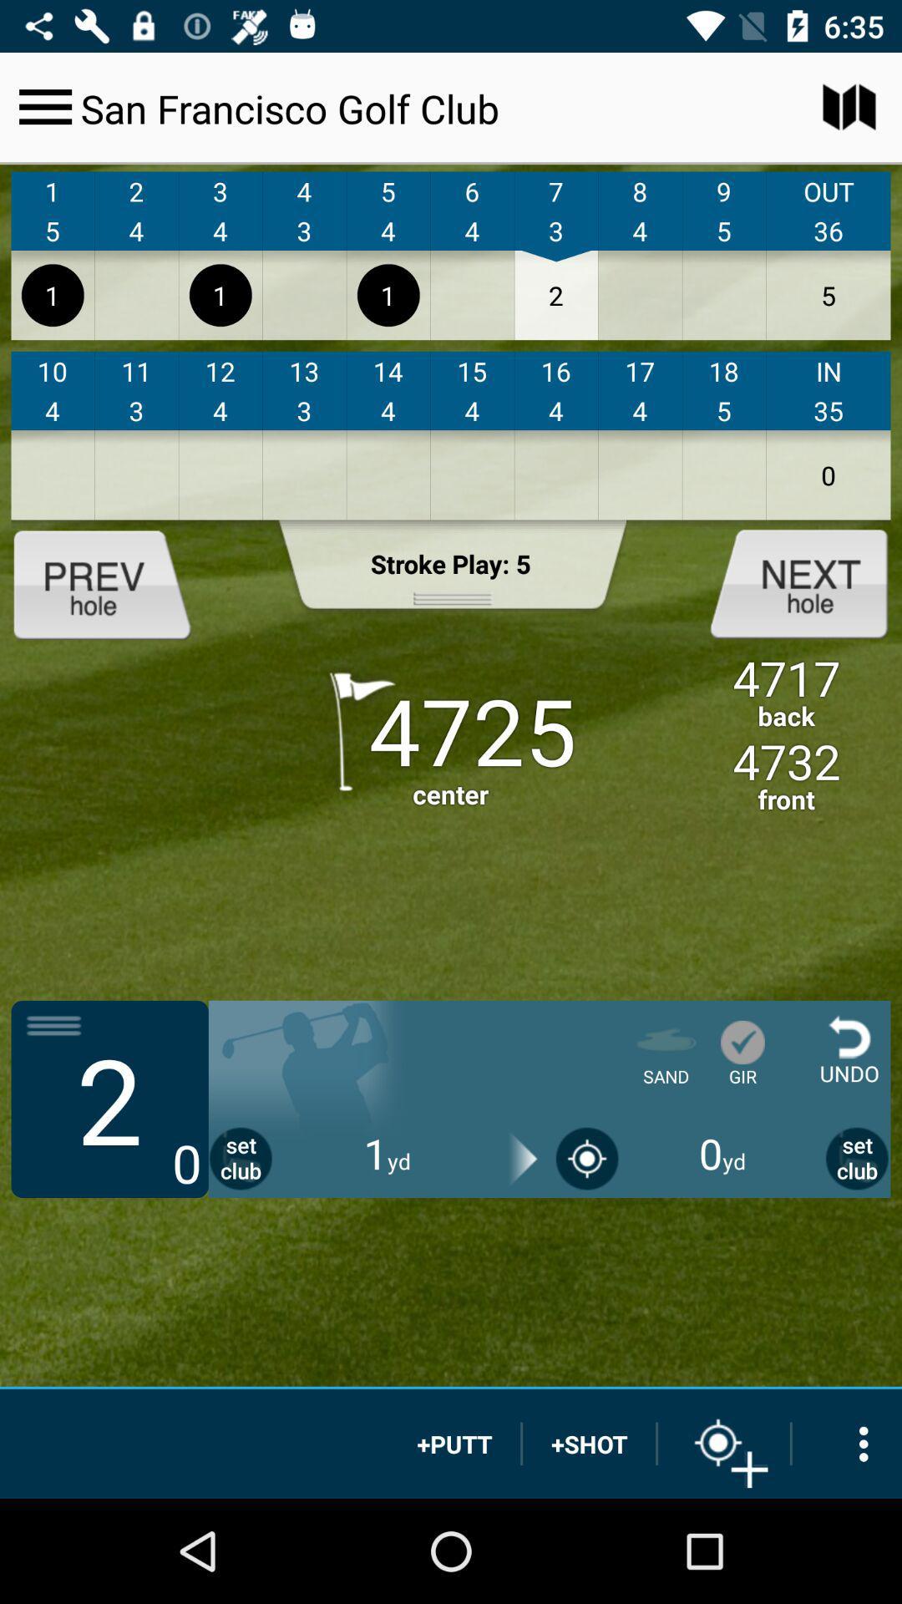 The height and width of the screenshot is (1604, 902). Describe the element at coordinates (847, 1443) in the screenshot. I see `the more icon` at that location.